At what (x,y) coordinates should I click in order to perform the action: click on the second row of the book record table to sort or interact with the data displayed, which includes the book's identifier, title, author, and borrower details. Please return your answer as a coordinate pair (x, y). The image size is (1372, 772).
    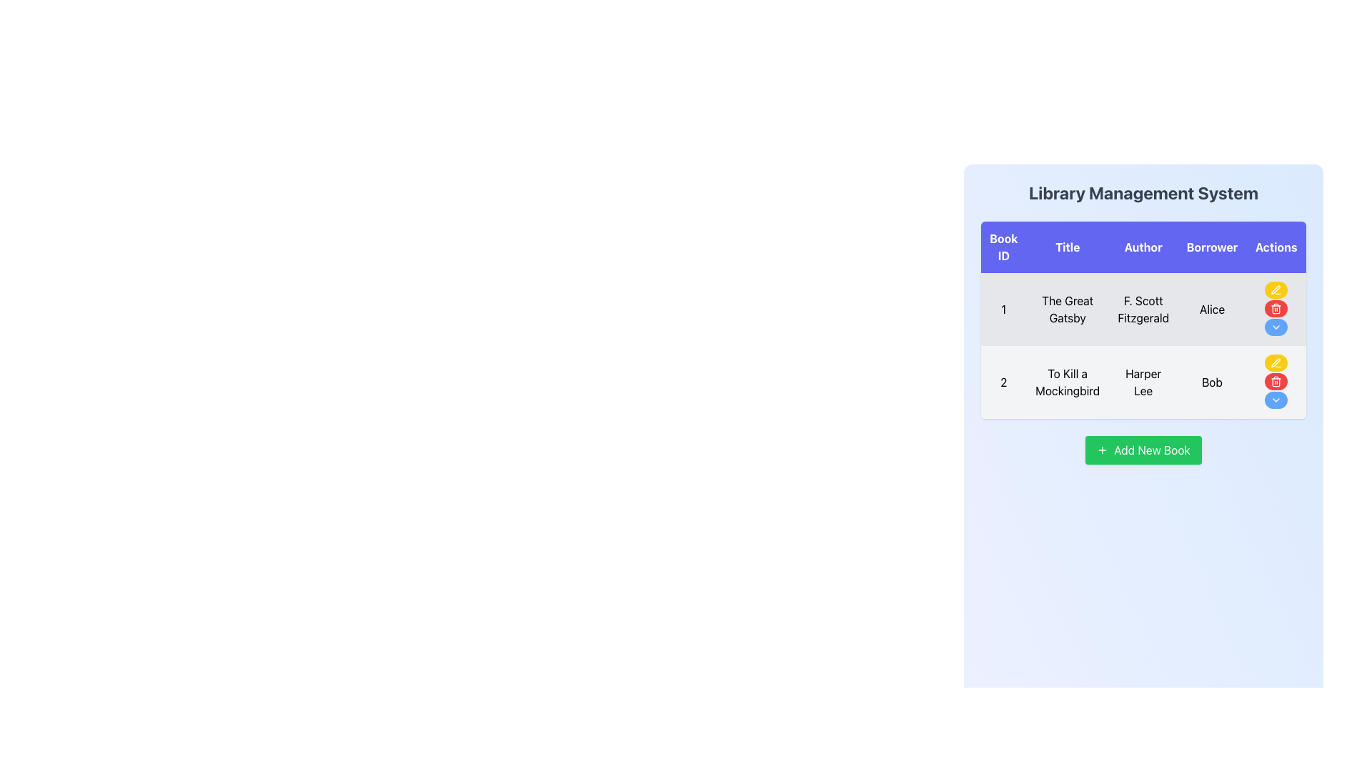
    Looking at the image, I should click on (1143, 382).